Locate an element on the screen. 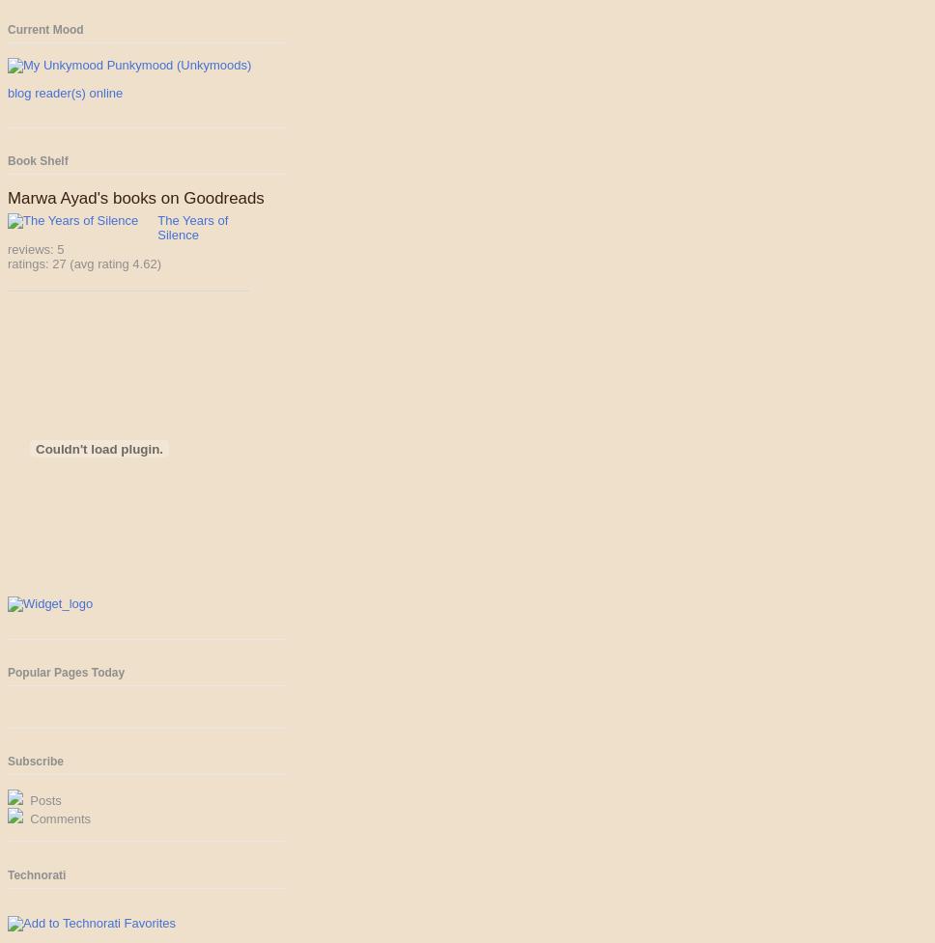 Image resolution: width=935 pixels, height=943 pixels. 'Popular Pages Today' is located at coordinates (65, 672).